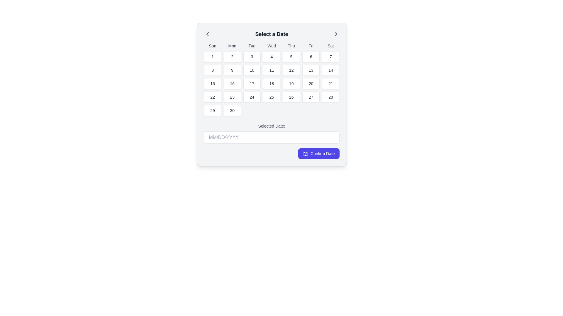 This screenshot has width=563, height=316. I want to click on the button, so click(232, 70).